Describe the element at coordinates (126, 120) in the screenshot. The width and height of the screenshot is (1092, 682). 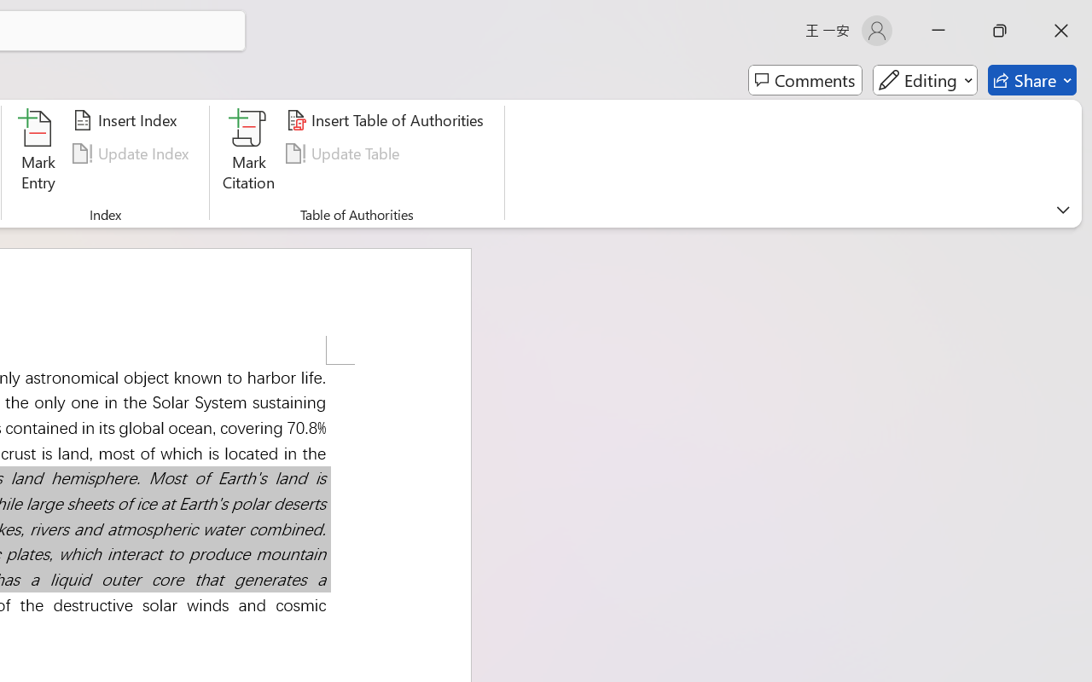
I see `'Insert Index...'` at that location.